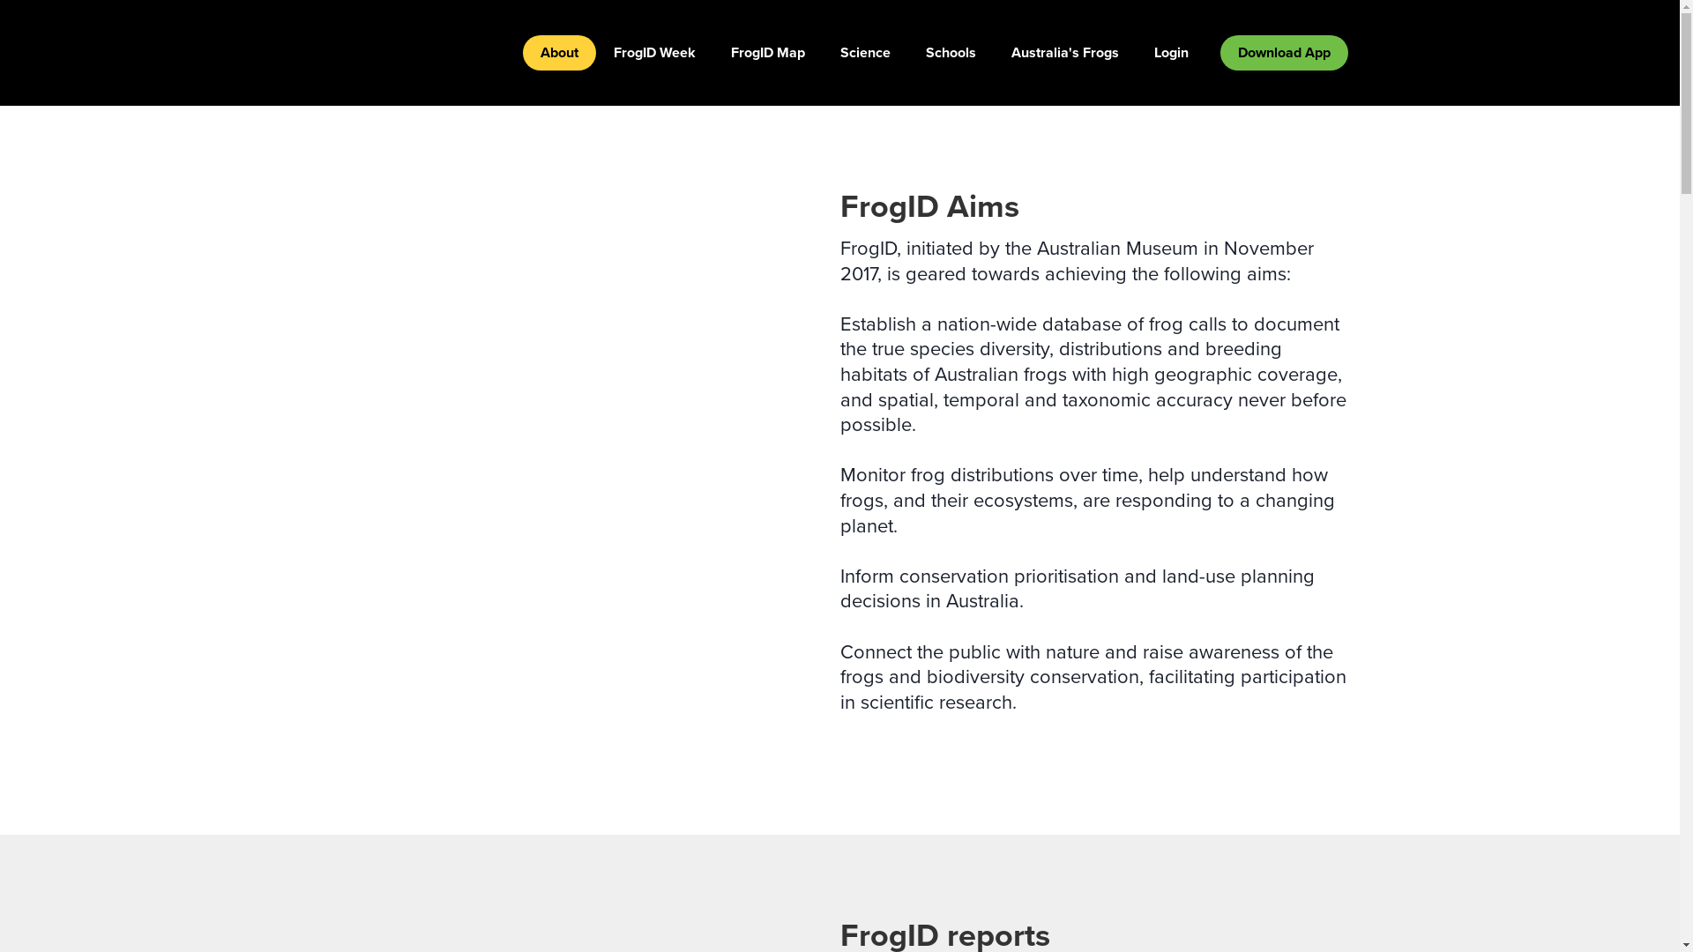 The image size is (1693, 952). Describe the element at coordinates (1170, 52) in the screenshot. I see `'Login'` at that location.